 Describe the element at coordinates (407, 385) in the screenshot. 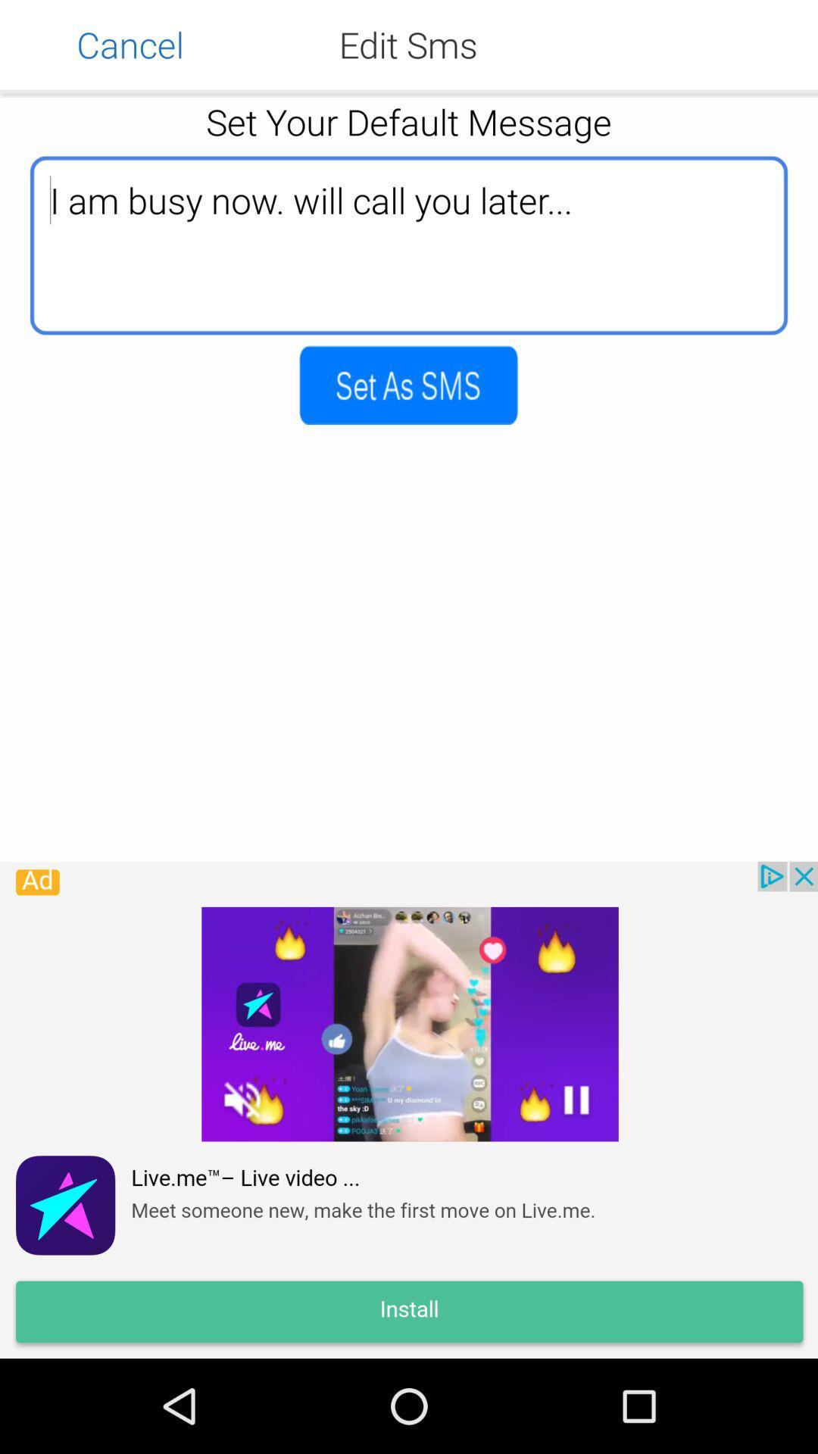

I see `set default sms message` at that location.